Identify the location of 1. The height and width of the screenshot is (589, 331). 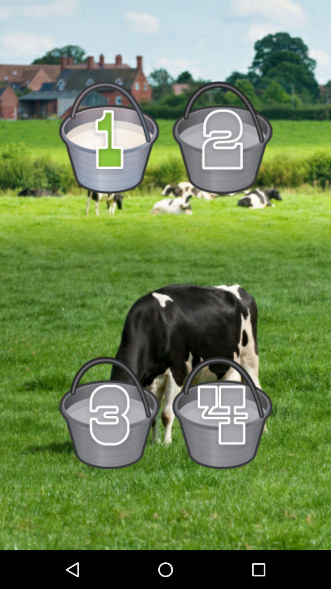
(109, 137).